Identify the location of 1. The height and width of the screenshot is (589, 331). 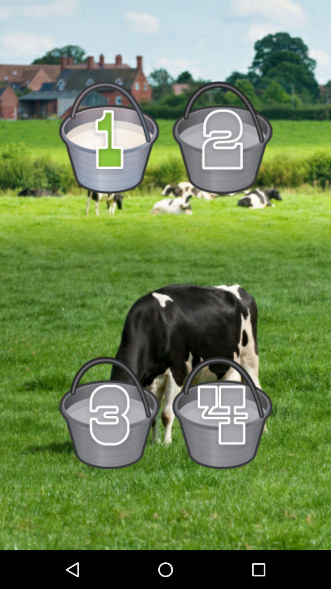
(109, 137).